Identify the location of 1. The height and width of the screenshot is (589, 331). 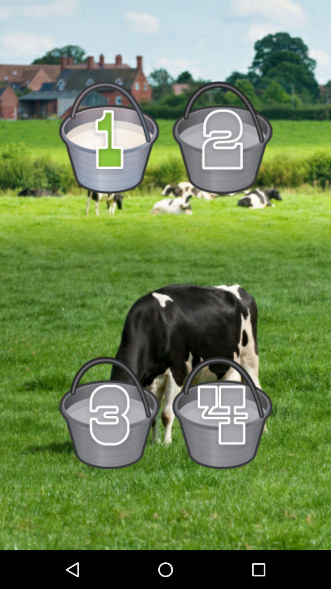
(109, 137).